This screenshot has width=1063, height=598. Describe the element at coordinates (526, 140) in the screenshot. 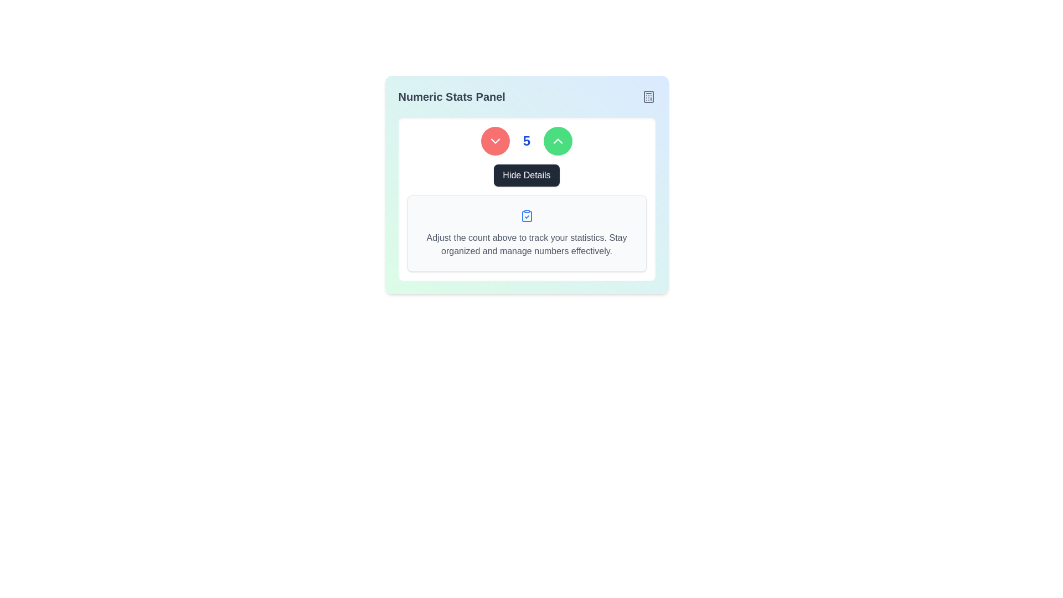

I see `the static text element that displays a numeric value, which is centrally located between a red button with a downwards arrow on the left and a green button with an upwards arrow on the right` at that location.